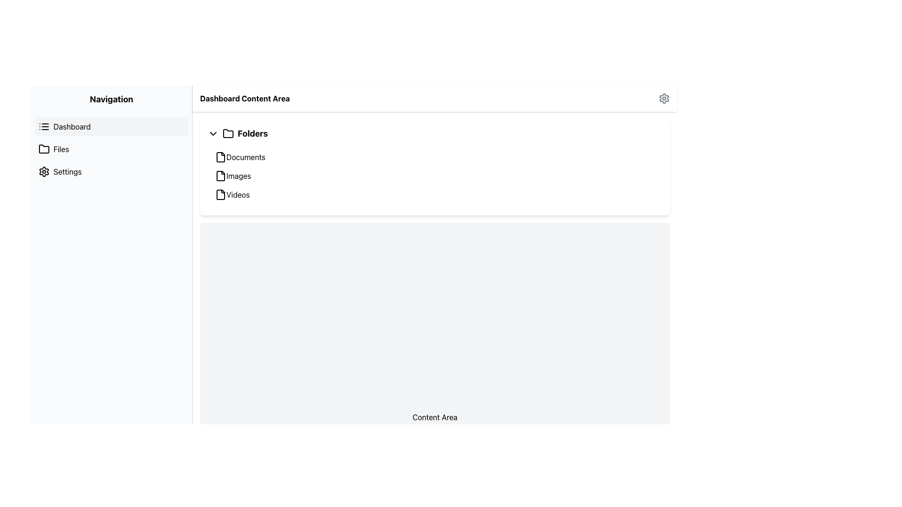 The image size is (902, 507). I want to click on the 'Files' label in the left navigation menu of the dashboard interface, so click(61, 148).